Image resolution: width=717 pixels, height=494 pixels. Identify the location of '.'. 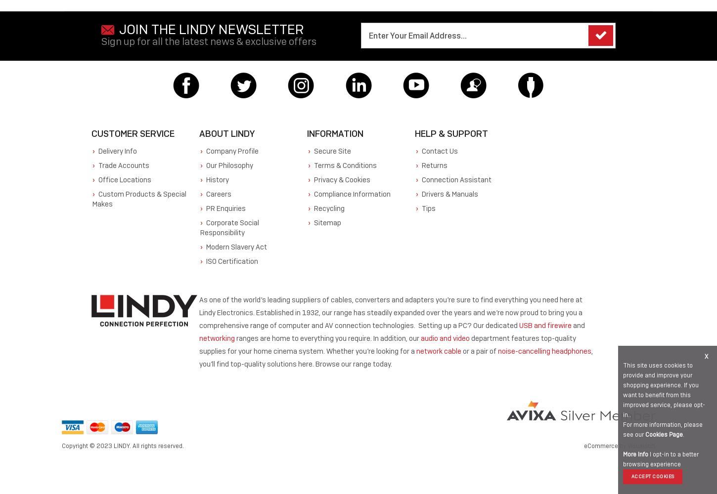
(682, 435).